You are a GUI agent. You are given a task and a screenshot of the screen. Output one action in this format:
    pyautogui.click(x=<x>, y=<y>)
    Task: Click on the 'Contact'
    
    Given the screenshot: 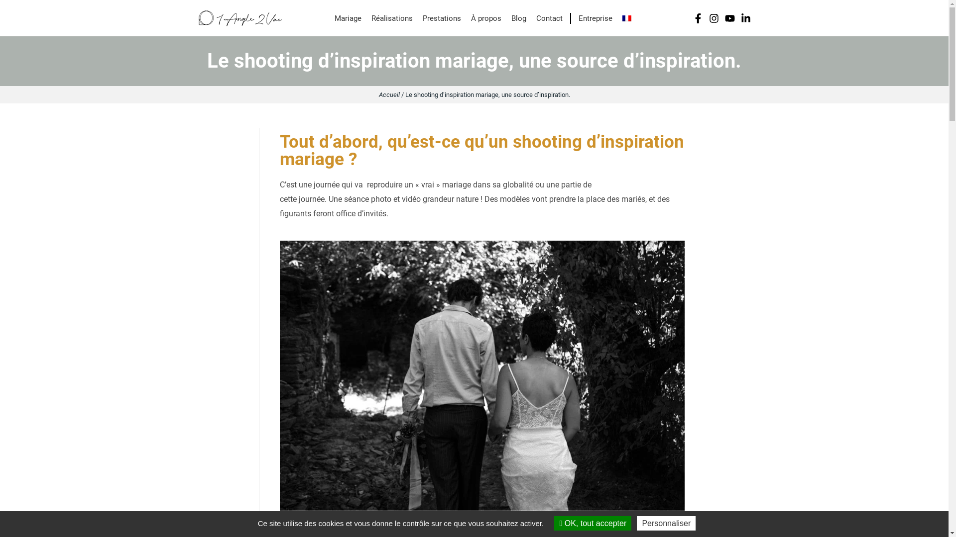 What is the action you would take?
    pyautogui.click(x=549, y=18)
    